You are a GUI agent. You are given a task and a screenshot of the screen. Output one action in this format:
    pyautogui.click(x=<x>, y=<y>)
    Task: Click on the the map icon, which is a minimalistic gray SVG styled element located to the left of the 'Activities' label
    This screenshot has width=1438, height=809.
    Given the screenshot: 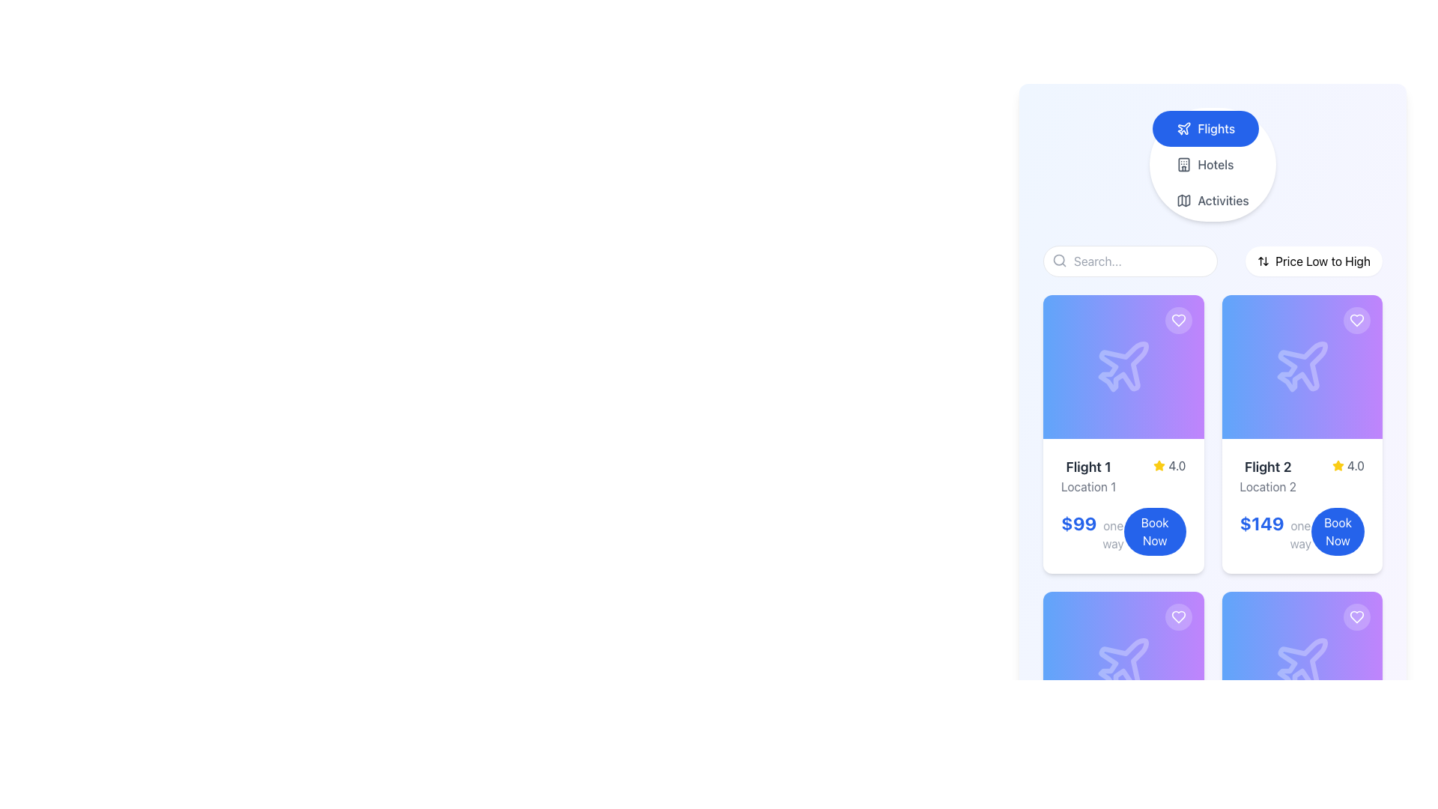 What is the action you would take?
    pyautogui.click(x=1183, y=199)
    